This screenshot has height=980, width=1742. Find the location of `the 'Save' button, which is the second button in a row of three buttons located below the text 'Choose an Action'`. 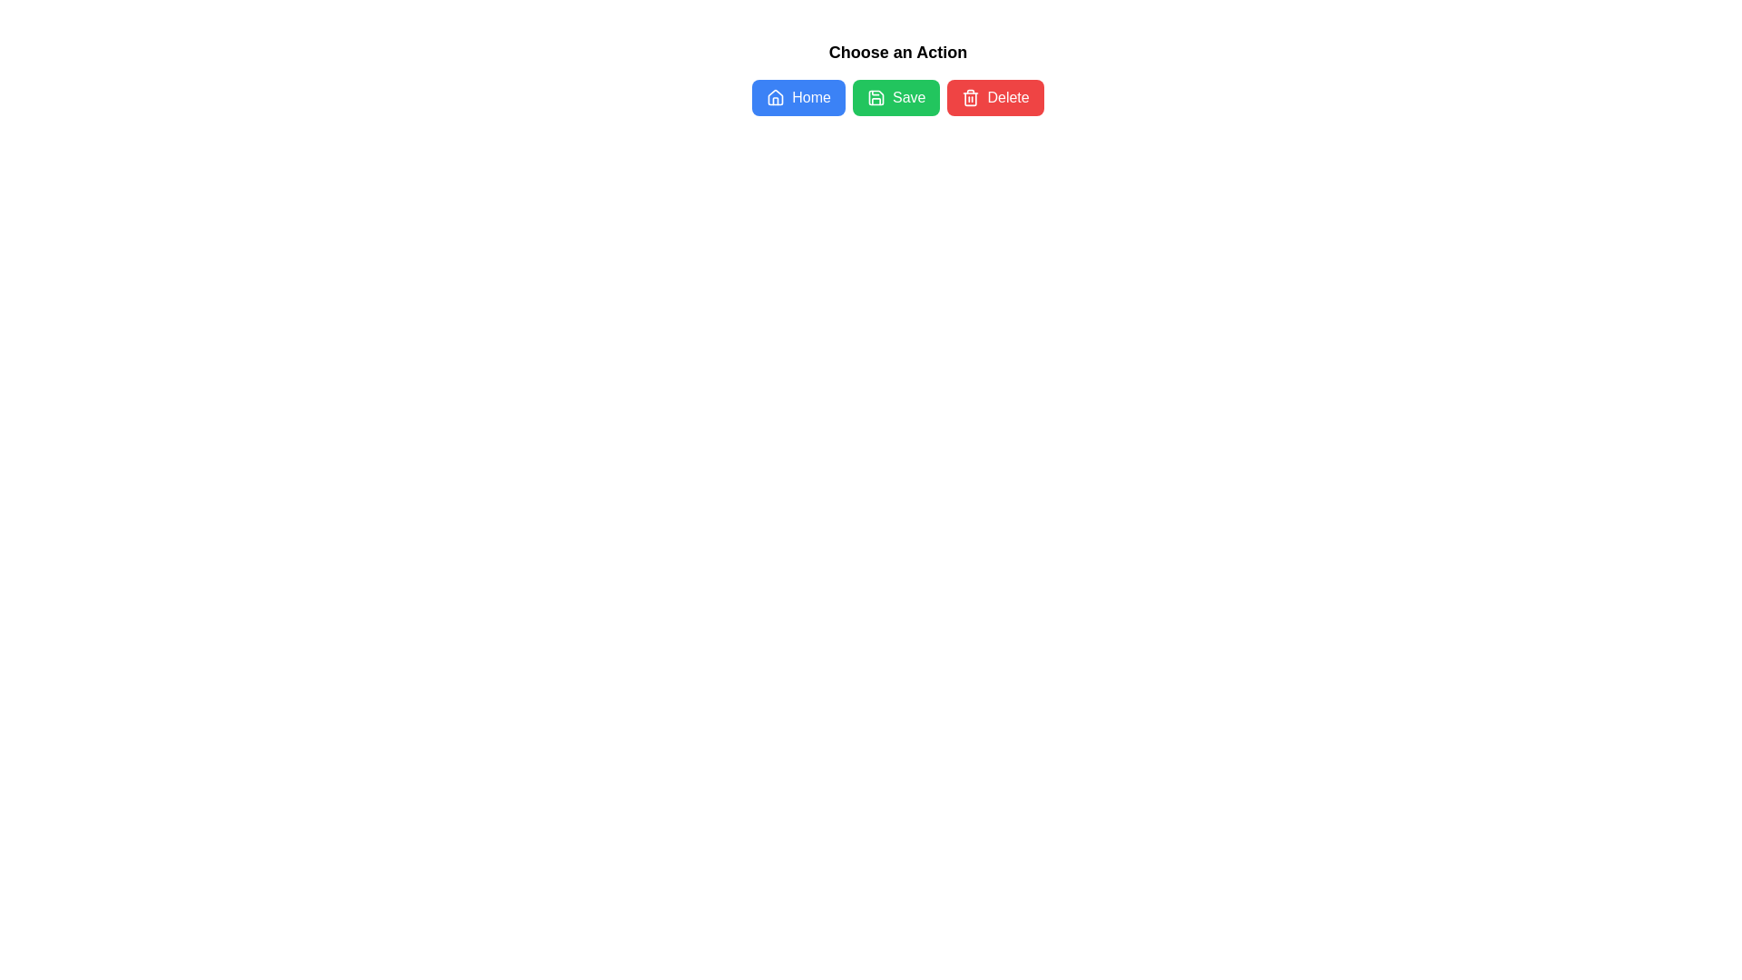

the 'Save' button, which is the second button in a row of three buttons located below the text 'Choose an Action' is located at coordinates (897, 98).